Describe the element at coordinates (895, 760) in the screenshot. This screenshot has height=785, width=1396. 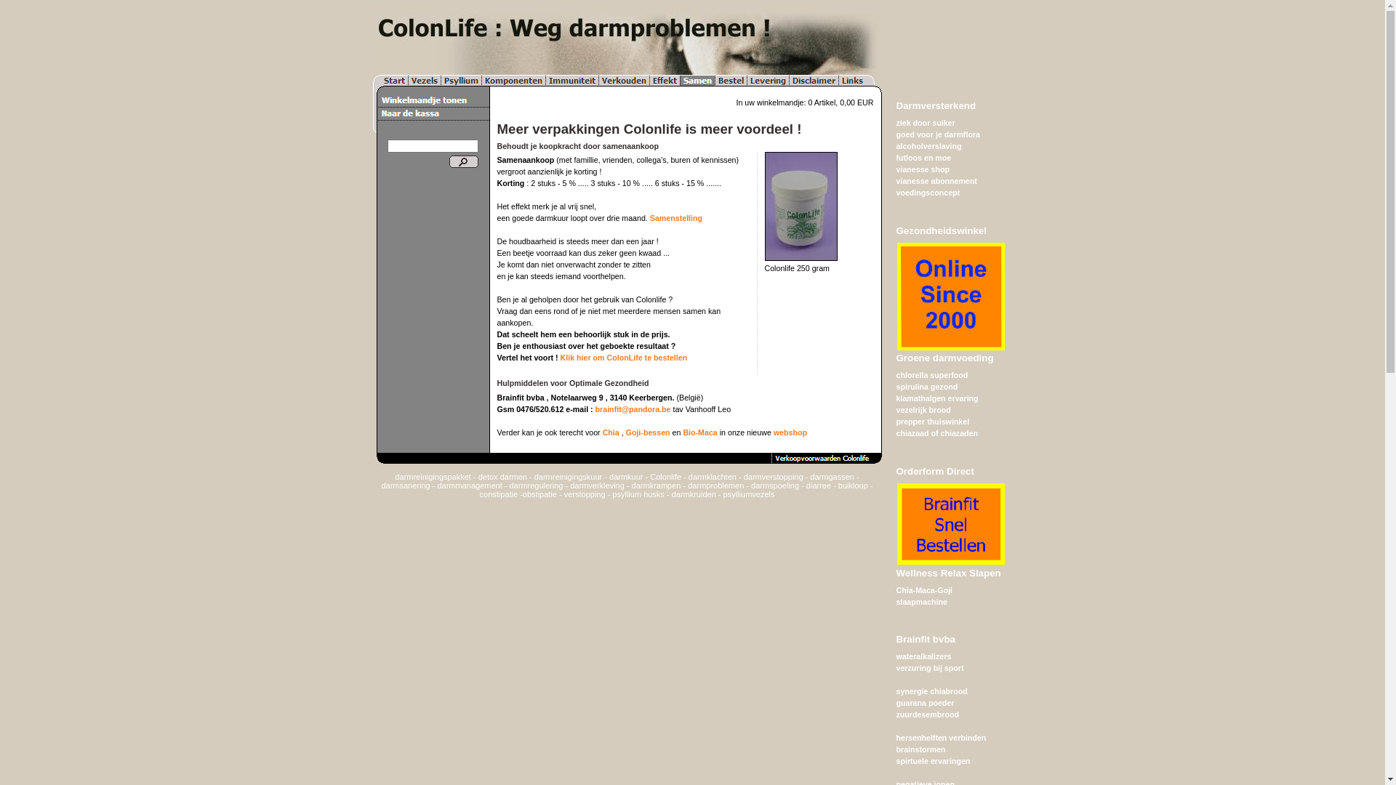
I see `'spirtuele ervaringen'` at that location.